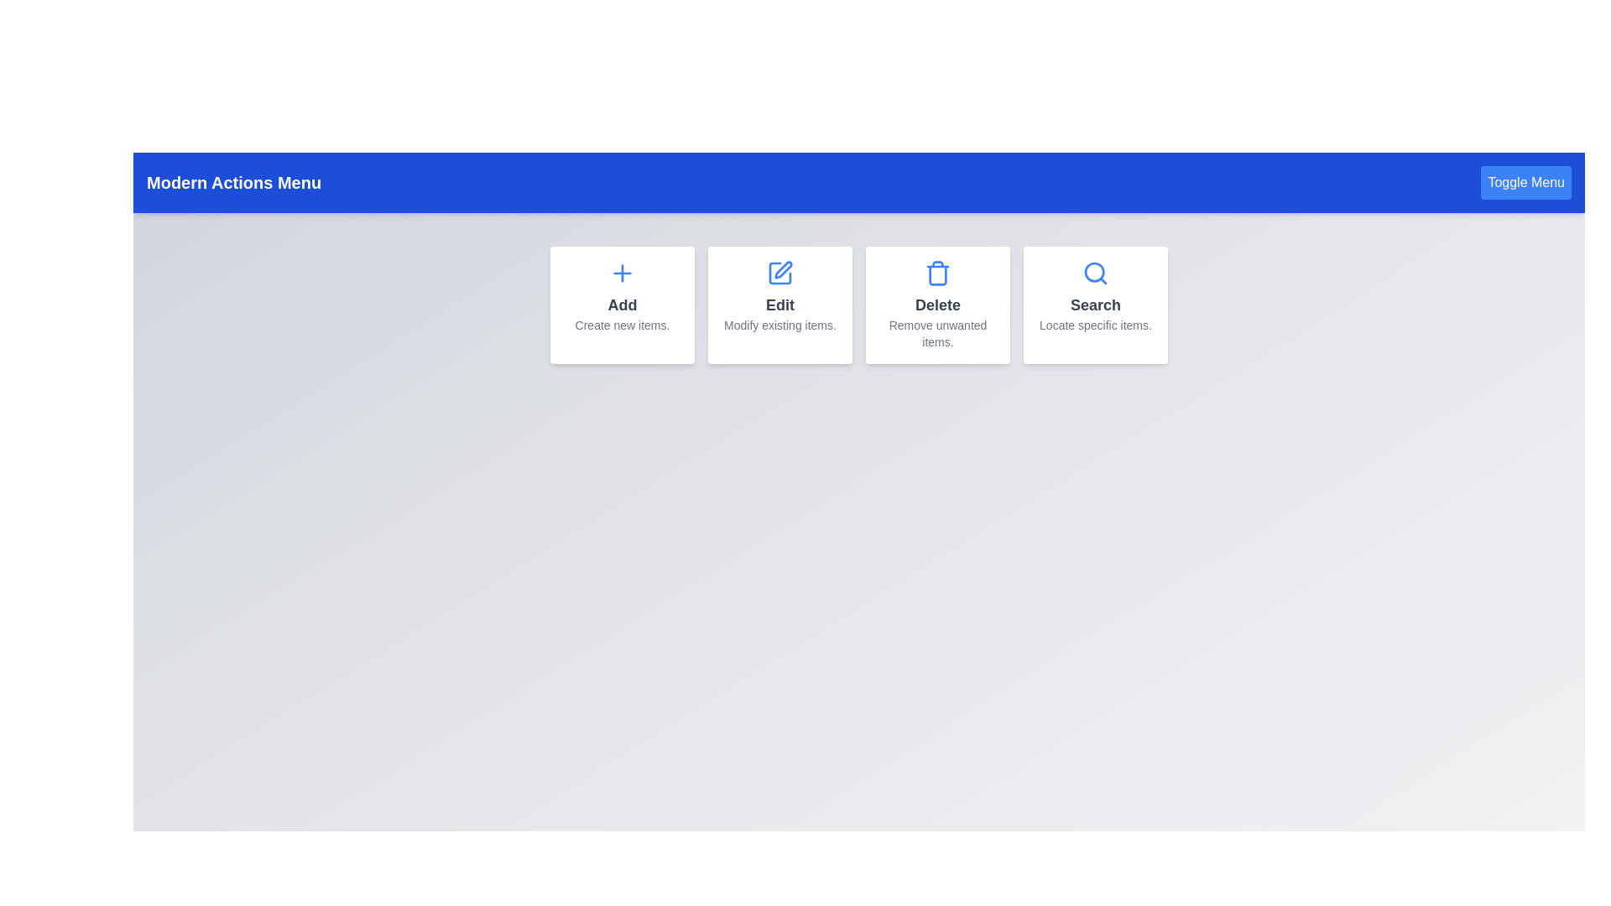 This screenshot has height=906, width=1611. Describe the element at coordinates (1095, 305) in the screenshot. I see `the 'Search' button to initiate the search functionality` at that location.